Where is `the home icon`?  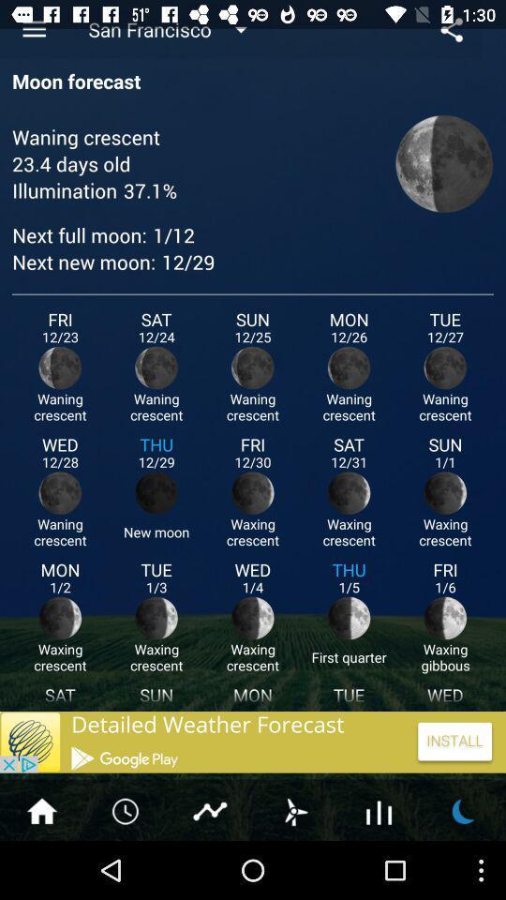 the home icon is located at coordinates (41, 867).